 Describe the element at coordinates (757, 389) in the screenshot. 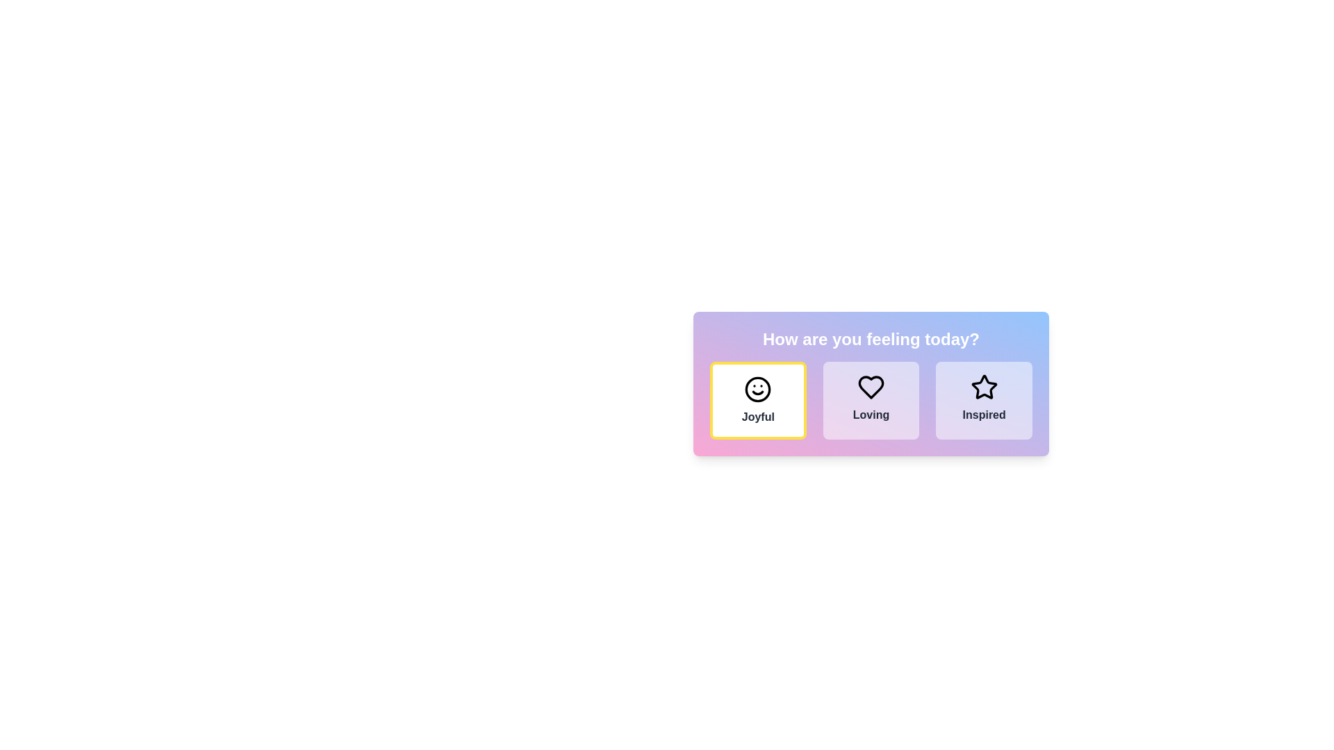

I see `the 'Joyful' emotion icon, which is the leftmost option under the question 'How are you feeling today?'` at that location.